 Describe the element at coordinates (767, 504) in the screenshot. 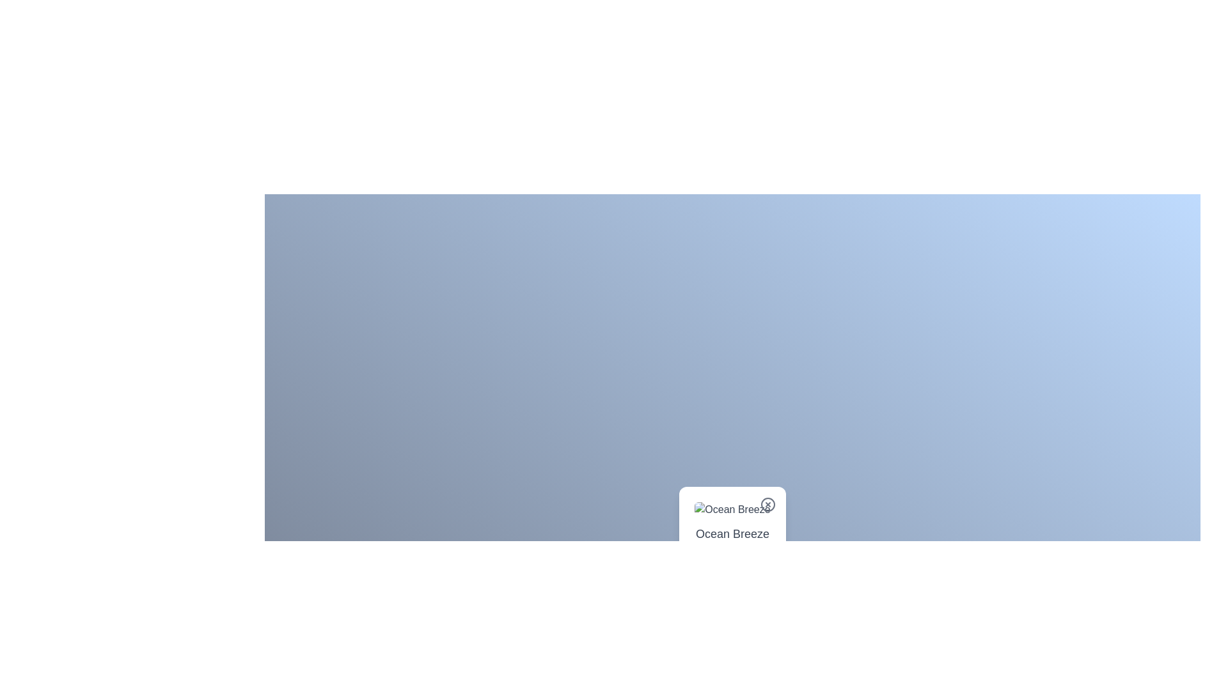

I see `the close button in the top-right corner of the 'Ocean Breeze' card to change its color to red` at that location.